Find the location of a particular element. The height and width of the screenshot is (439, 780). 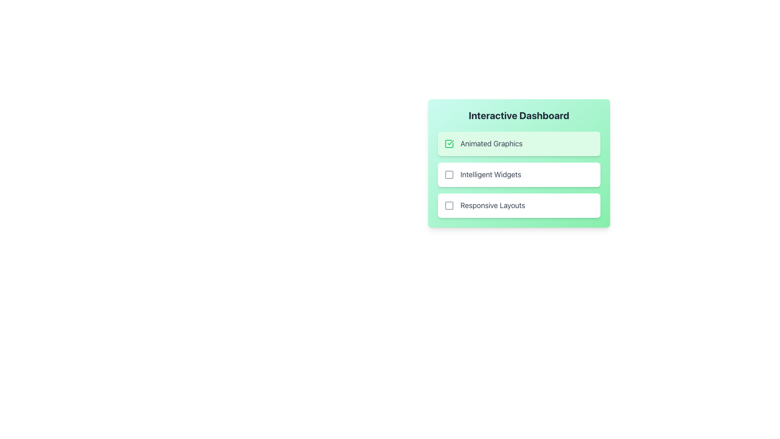

the checkbox labeled 'Intelligent Widgets' is located at coordinates (483, 174).